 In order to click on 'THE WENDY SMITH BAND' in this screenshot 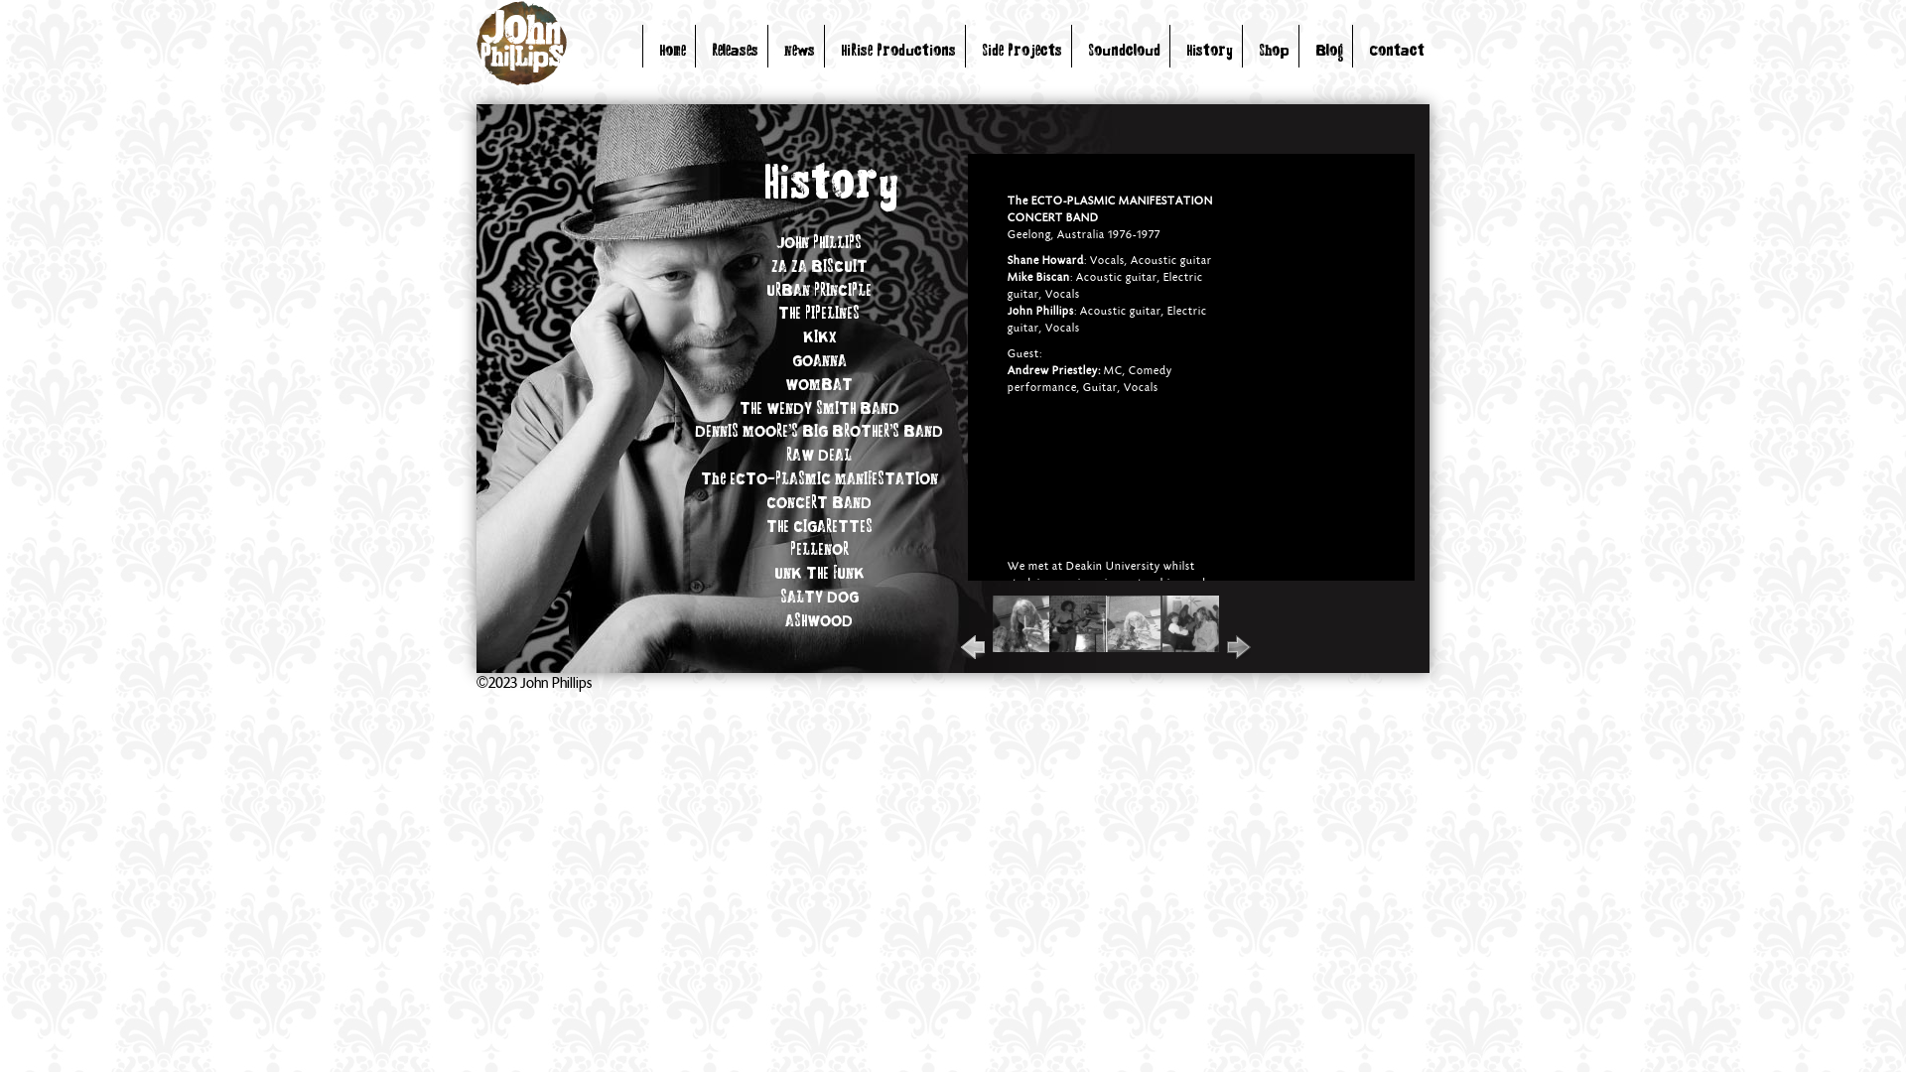, I will do `click(818, 408)`.